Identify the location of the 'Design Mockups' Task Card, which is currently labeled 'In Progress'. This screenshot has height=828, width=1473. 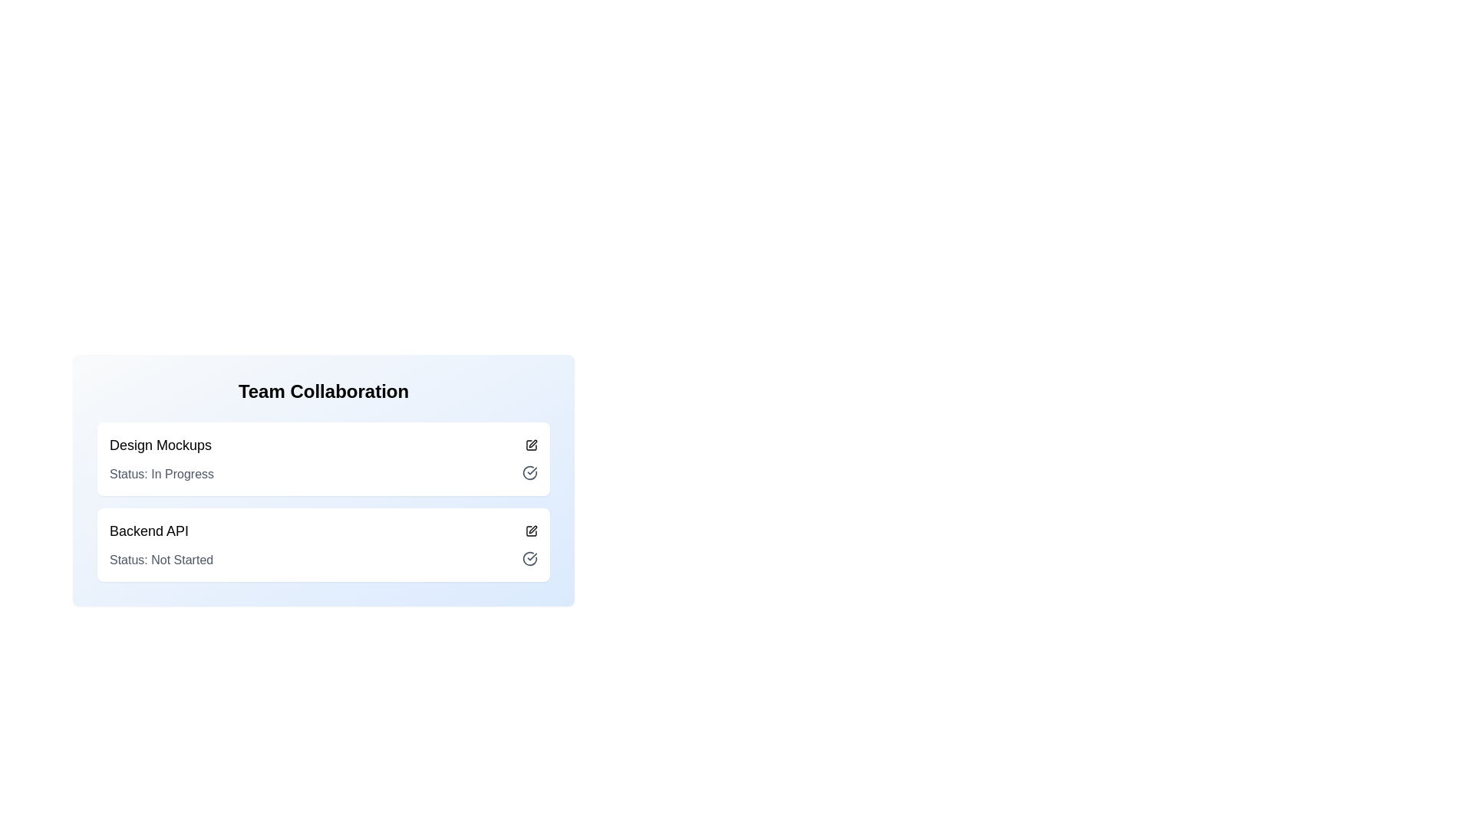
(323, 458).